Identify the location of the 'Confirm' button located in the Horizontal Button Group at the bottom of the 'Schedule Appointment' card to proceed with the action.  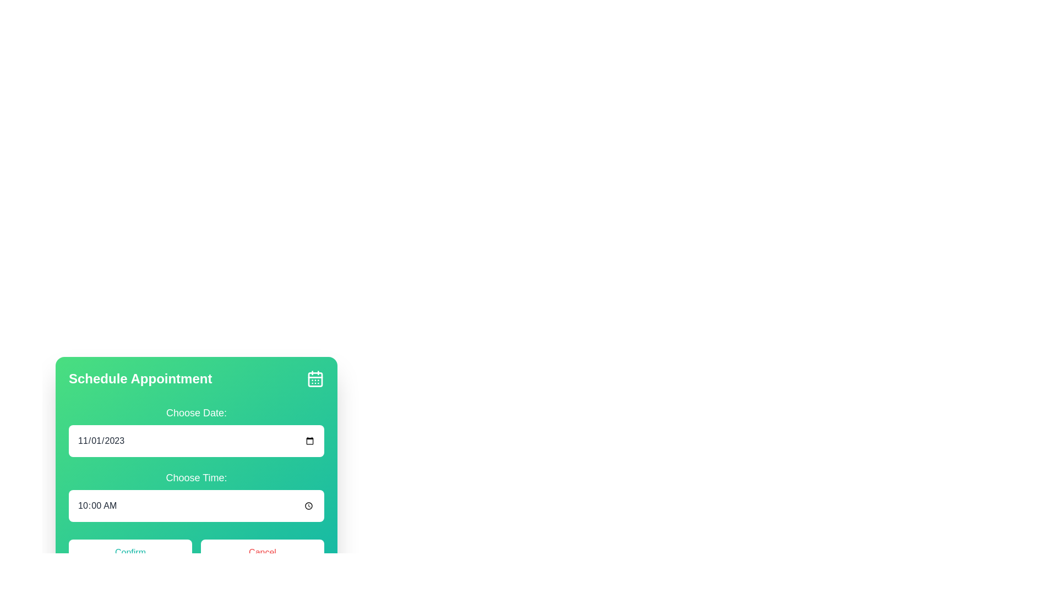
(196, 553).